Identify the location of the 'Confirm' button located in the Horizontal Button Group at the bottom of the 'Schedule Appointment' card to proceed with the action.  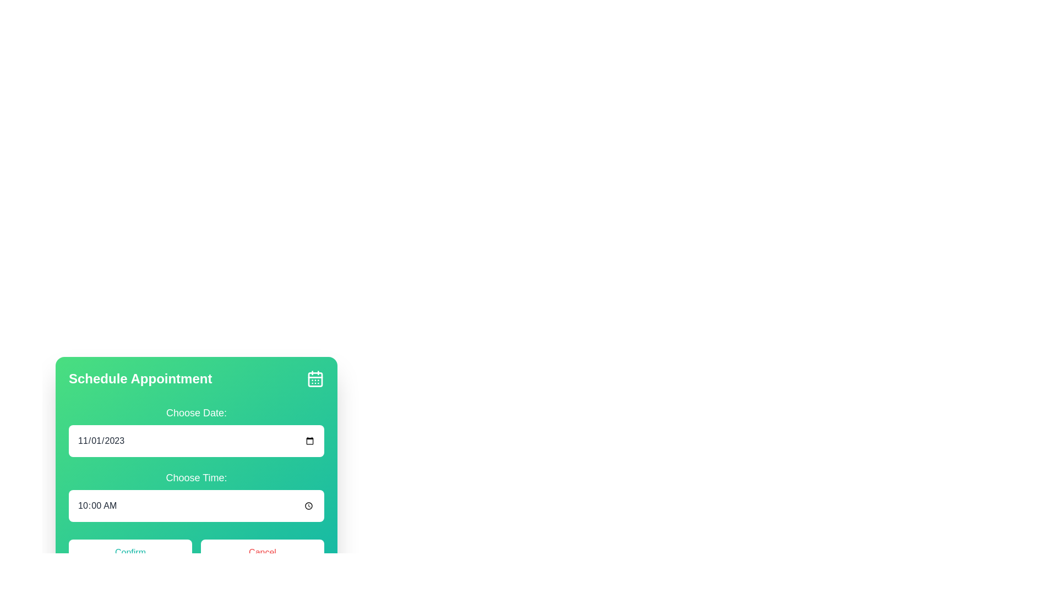
(196, 553).